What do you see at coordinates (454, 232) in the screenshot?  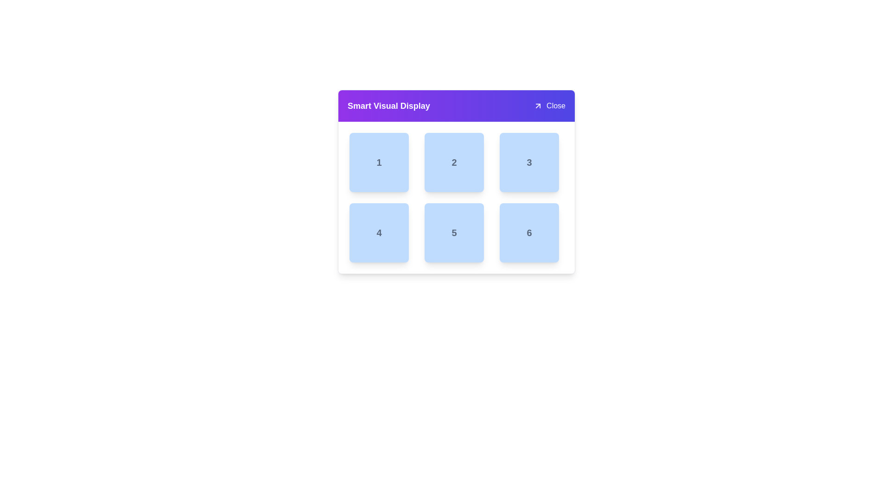 I see `value displayed in the text element that shows the number '5', located in the center of the fifth box in a grid of six boxes` at bounding box center [454, 232].